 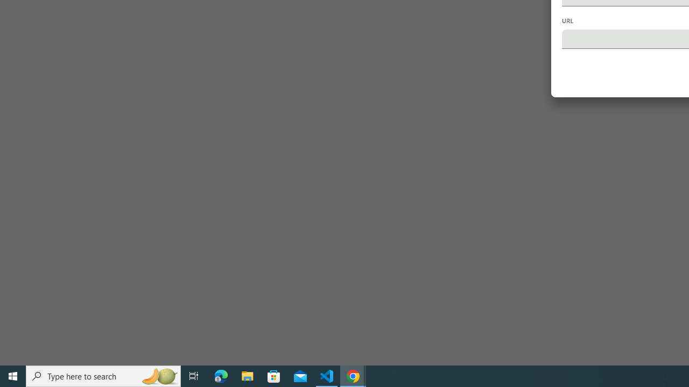 I want to click on 'Google Chrome - 2 running windows', so click(x=353, y=375).